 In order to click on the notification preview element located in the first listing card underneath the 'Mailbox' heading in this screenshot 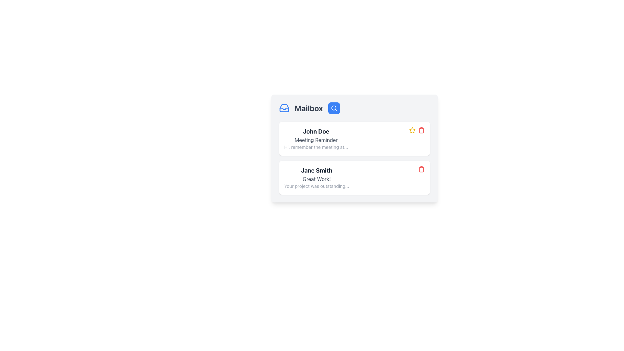, I will do `click(316, 138)`.